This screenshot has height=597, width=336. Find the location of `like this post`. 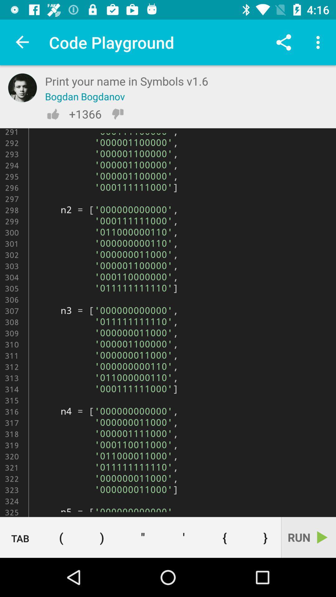

like this post is located at coordinates (53, 114).